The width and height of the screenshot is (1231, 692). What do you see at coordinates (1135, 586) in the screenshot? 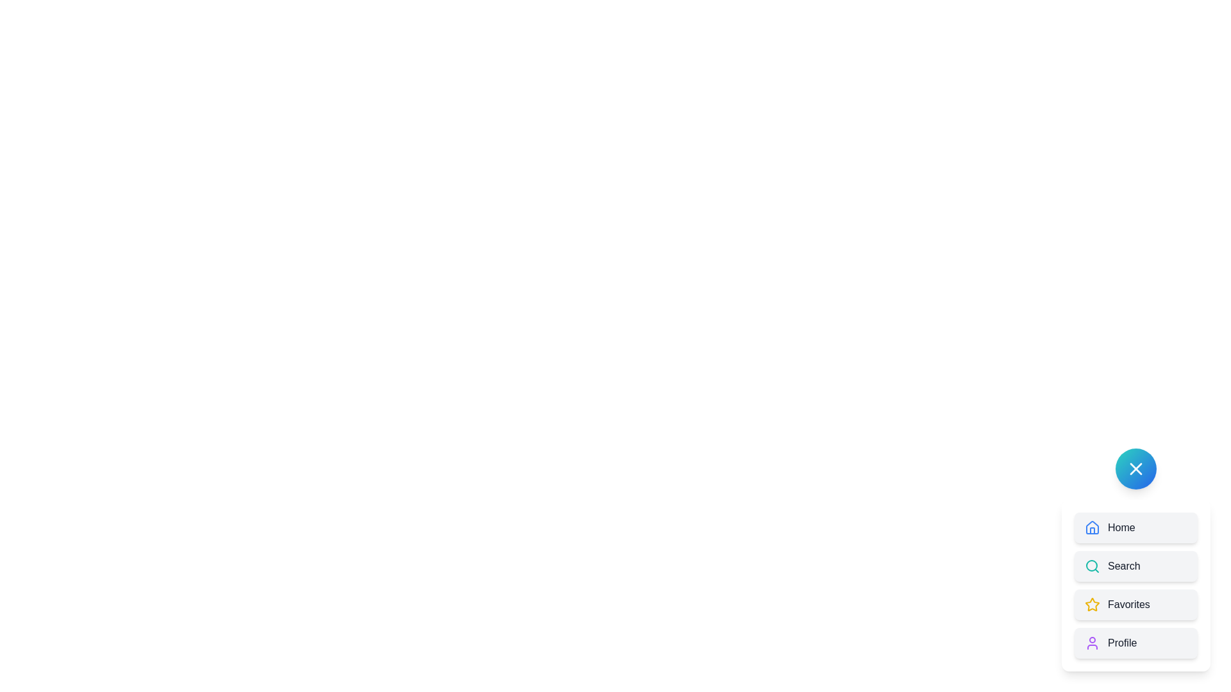
I see `the 'Favorites' button, the third item in the vertical menu located in the bottom-right corner of the interface, to observe hover effects` at bounding box center [1135, 586].